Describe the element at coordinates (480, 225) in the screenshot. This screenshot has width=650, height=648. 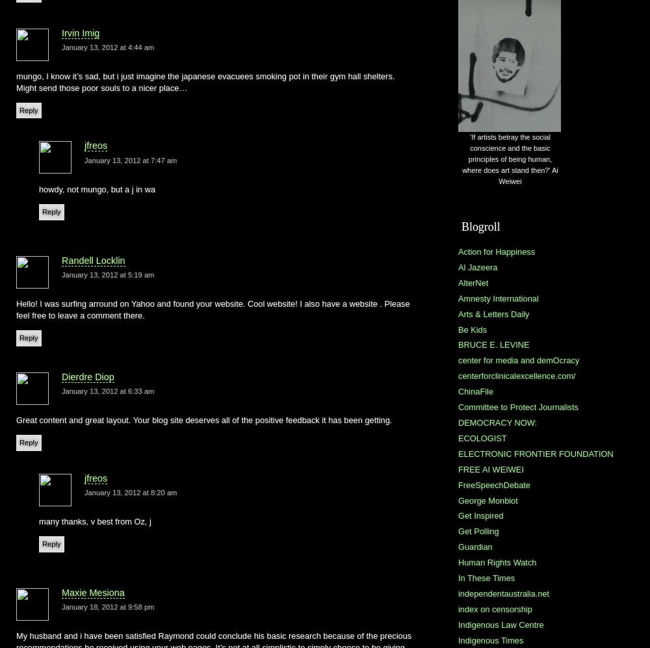
I see `'Blogroll'` at that location.